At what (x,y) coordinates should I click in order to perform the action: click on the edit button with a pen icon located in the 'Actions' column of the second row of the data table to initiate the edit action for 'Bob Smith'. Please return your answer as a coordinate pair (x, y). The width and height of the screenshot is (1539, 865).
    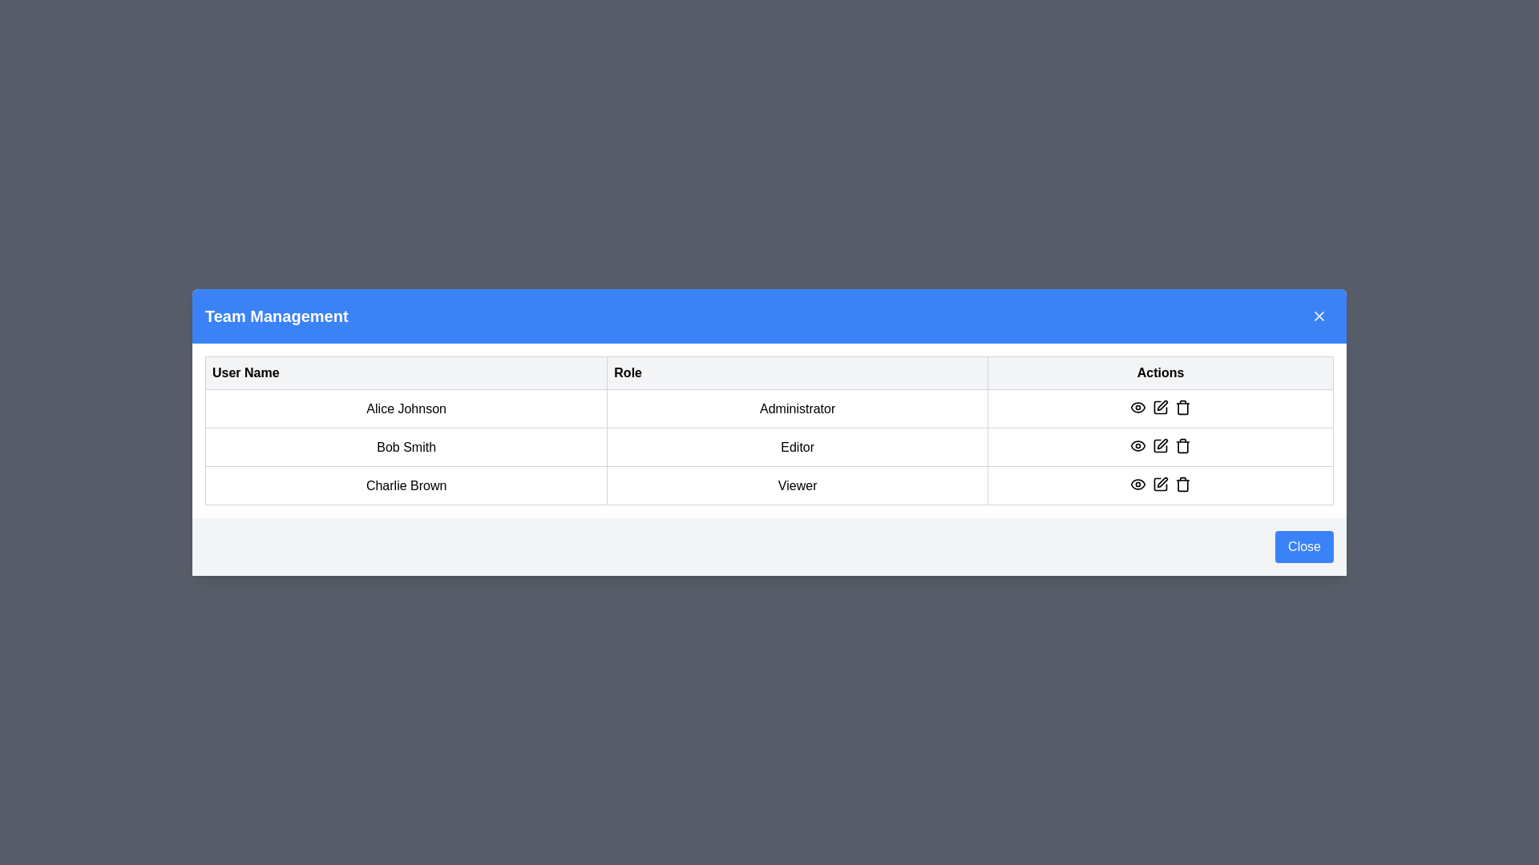
    Looking at the image, I should click on (1161, 445).